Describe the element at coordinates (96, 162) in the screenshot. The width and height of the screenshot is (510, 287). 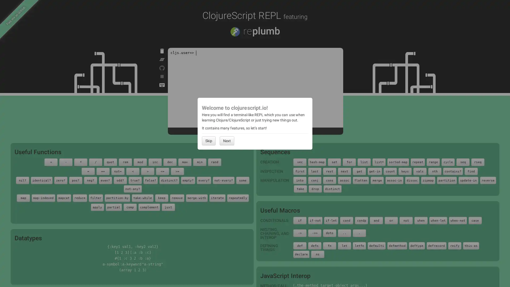
I see `/` at that location.